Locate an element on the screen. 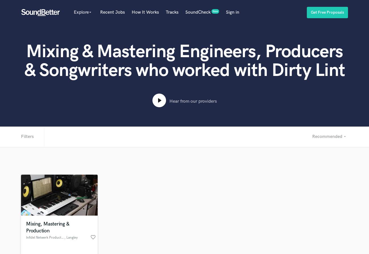  'Editing' is located at coordinates (148, 184).